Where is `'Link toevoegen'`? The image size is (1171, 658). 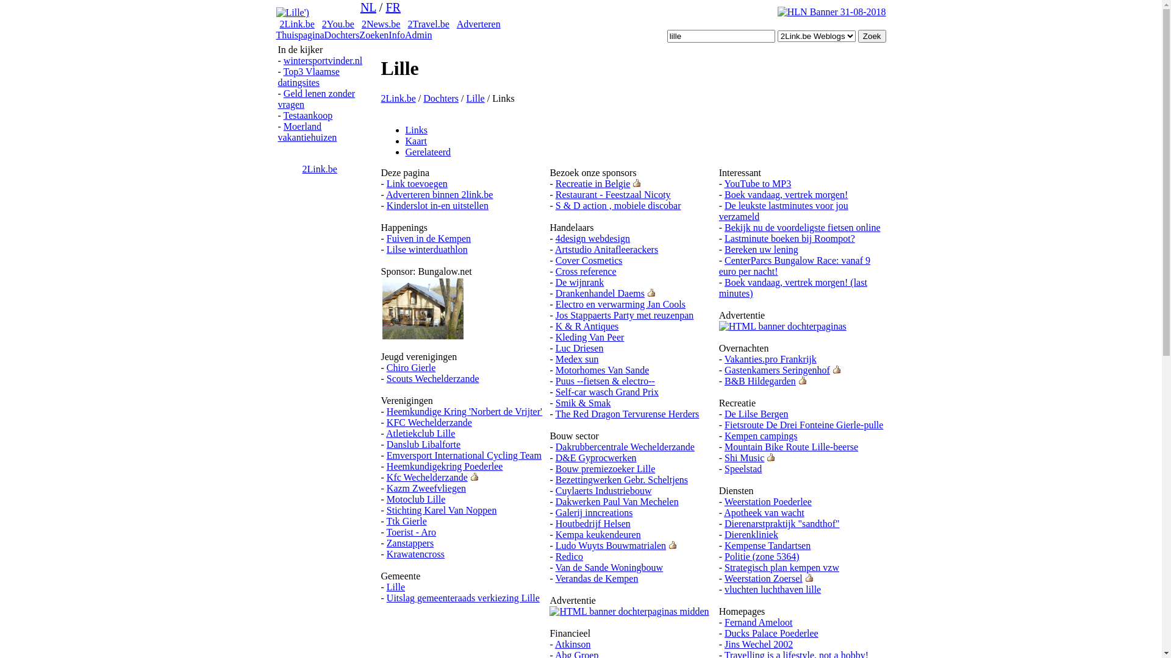 'Link toevoegen' is located at coordinates (417, 183).